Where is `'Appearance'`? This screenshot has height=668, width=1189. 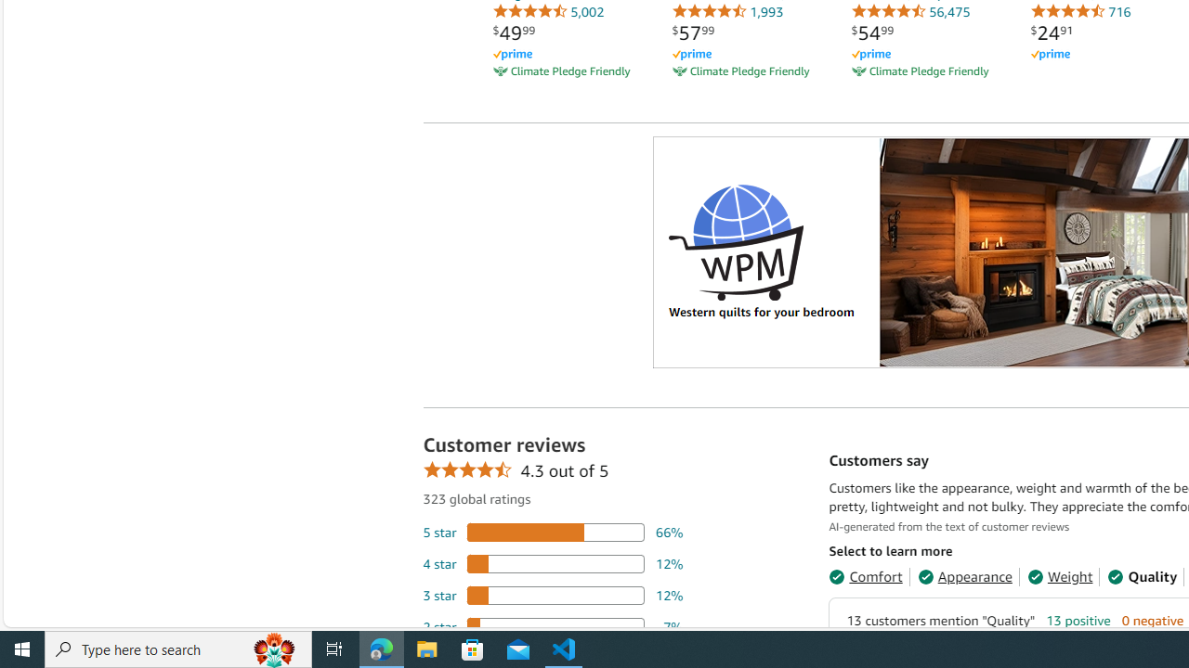
'Appearance' is located at coordinates (964, 575).